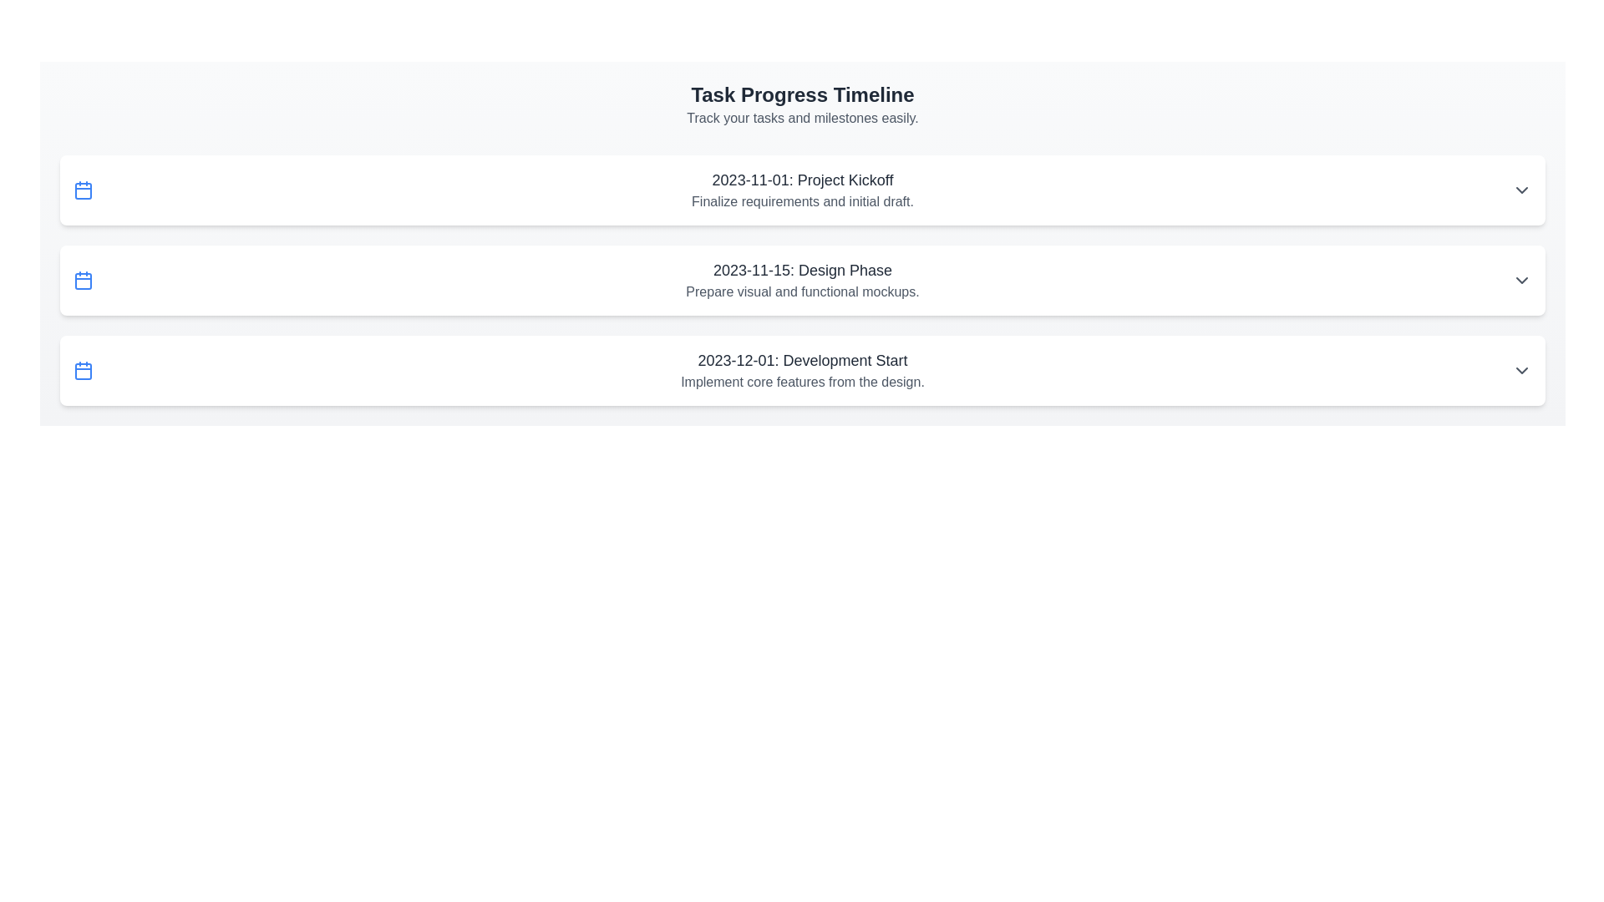  I want to click on the blue calendar icon located at the beginning of the third list item, which corresponds to the date '2023-12-01: Development Start.', so click(83, 369).